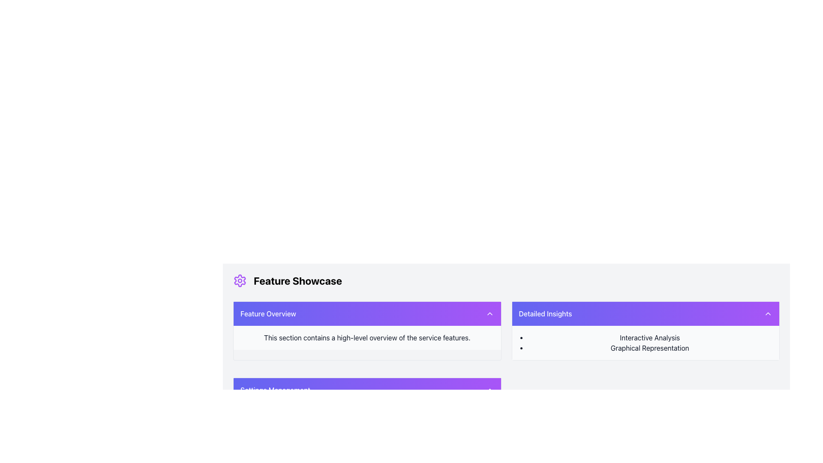 The height and width of the screenshot is (463, 823). What do you see at coordinates (646, 342) in the screenshot?
I see `the linked section in the Descriptive List located below the header 'Detailed Insights' on the right side of the layout` at bounding box center [646, 342].